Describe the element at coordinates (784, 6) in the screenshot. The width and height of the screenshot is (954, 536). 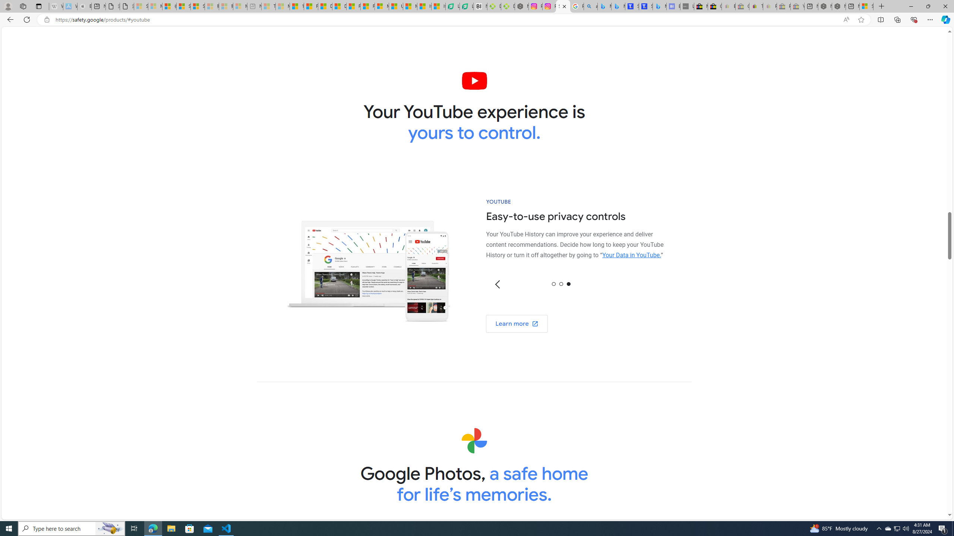
I see `'Press Room - eBay Inc. - Sleeping'` at that location.